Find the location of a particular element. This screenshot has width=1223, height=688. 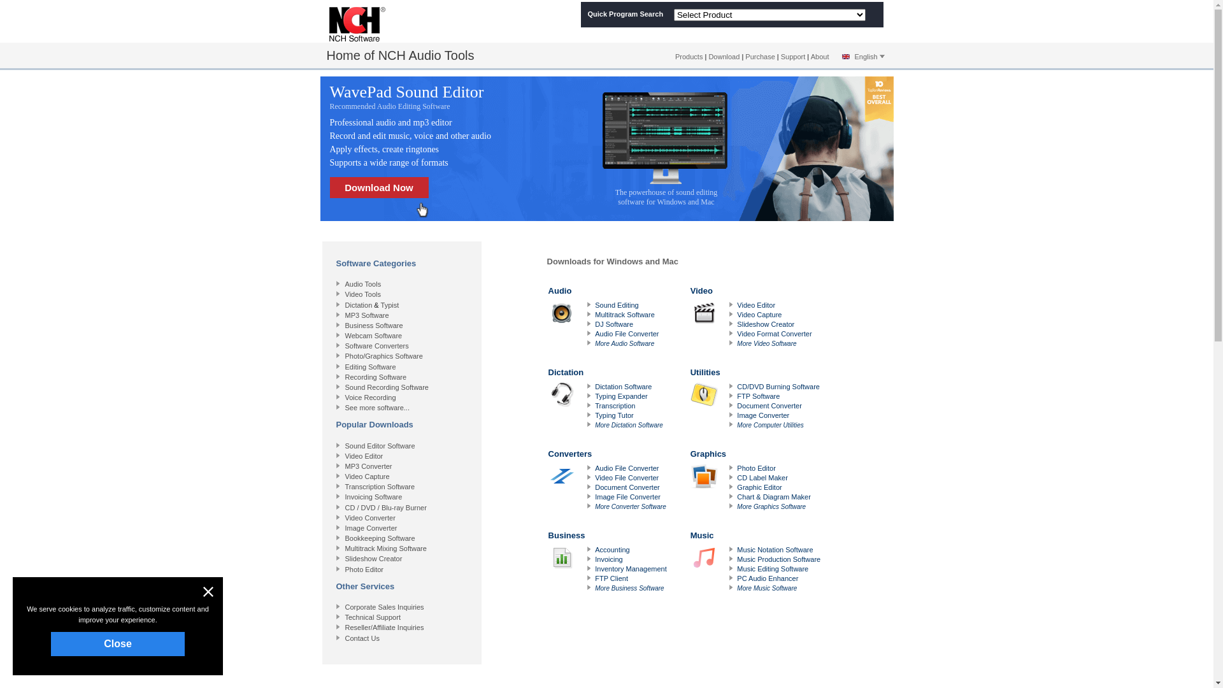

'Products' is located at coordinates (688, 55).